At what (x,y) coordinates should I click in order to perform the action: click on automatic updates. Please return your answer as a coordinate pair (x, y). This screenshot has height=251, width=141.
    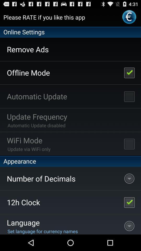
    Looking at the image, I should click on (129, 96).